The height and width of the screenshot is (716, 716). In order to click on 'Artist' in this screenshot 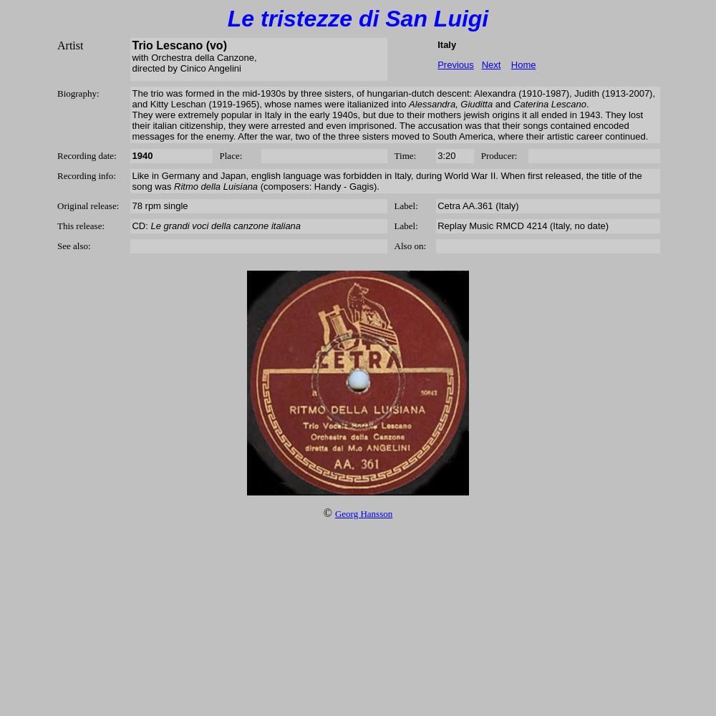, I will do `click(57, 44)`.